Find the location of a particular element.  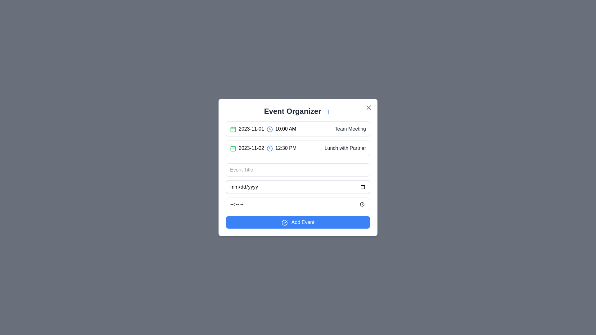

the close button located at the top-right corner of the modal to trigger the hover effect is located at coordinates (369, 107).